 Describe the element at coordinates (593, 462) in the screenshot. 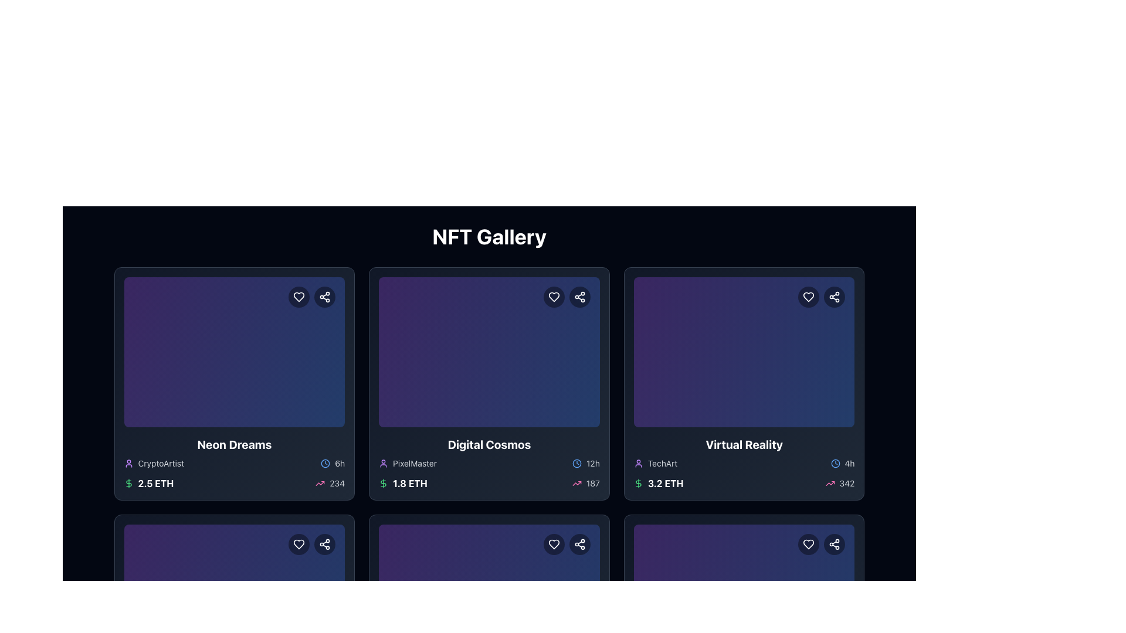

I see `text content of the light gray Text Label displaying '12h', which is located to the right of a small clock icon within the 'Digital Cosmos' card` at that location.